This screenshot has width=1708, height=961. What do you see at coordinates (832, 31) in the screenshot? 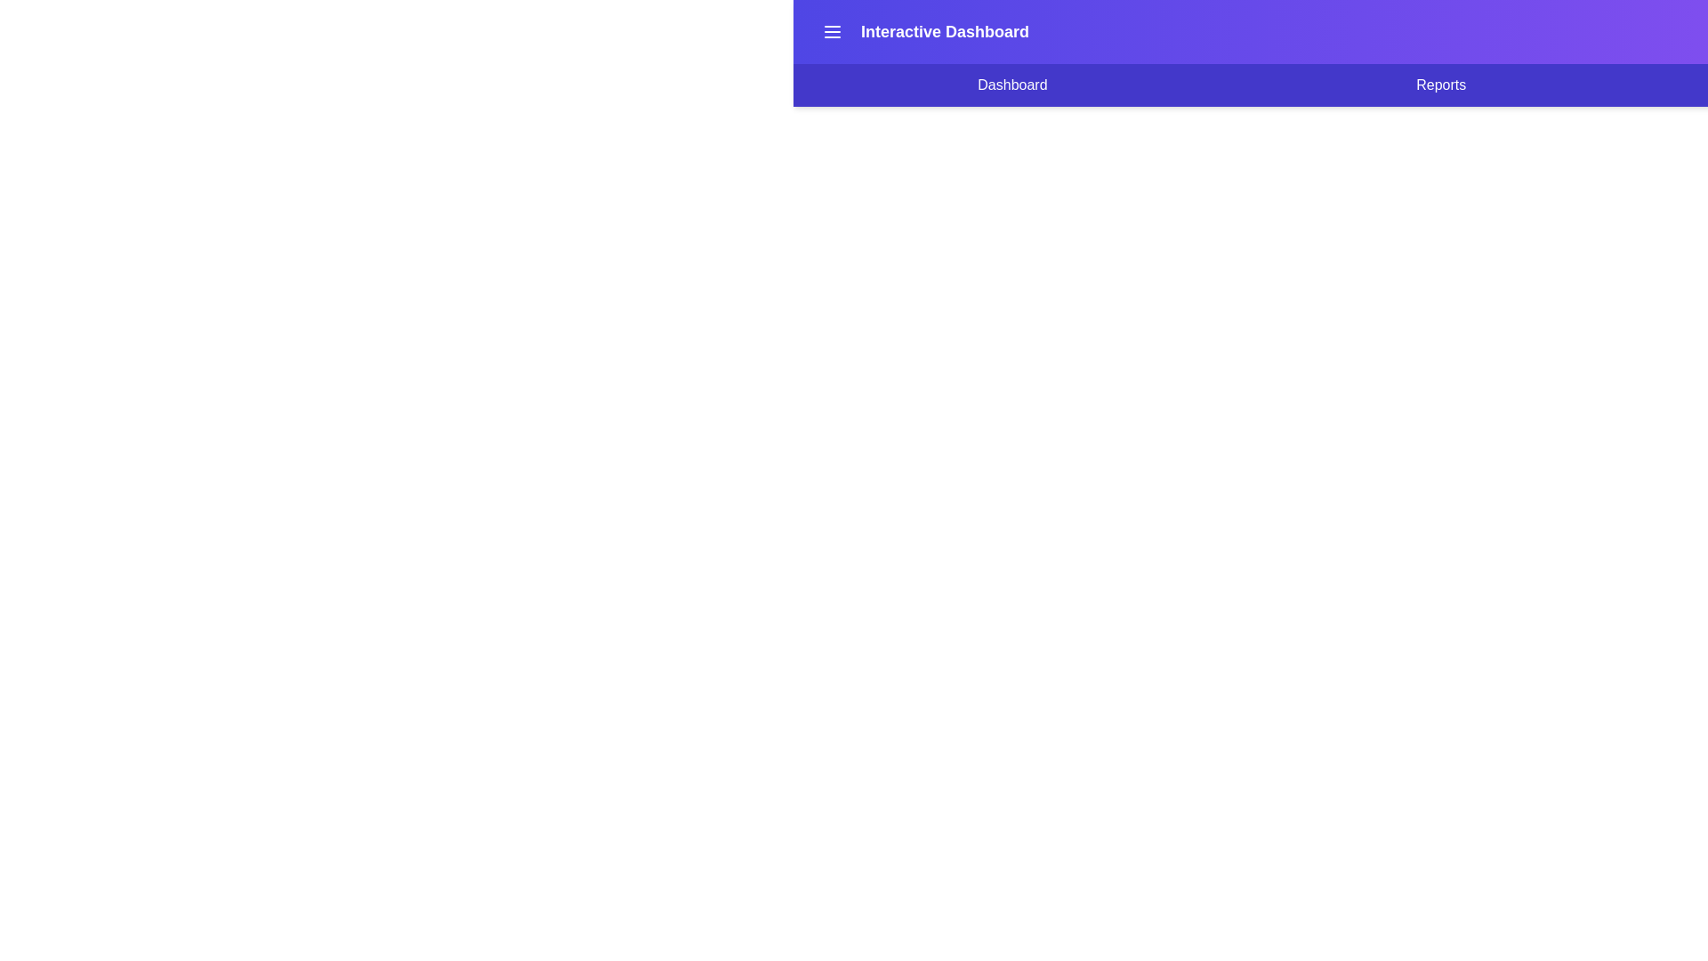
I see `the rectangular button with a purple background and three horizontal lines, located at the top-left within the header bar` at bounding box center [832, 31].